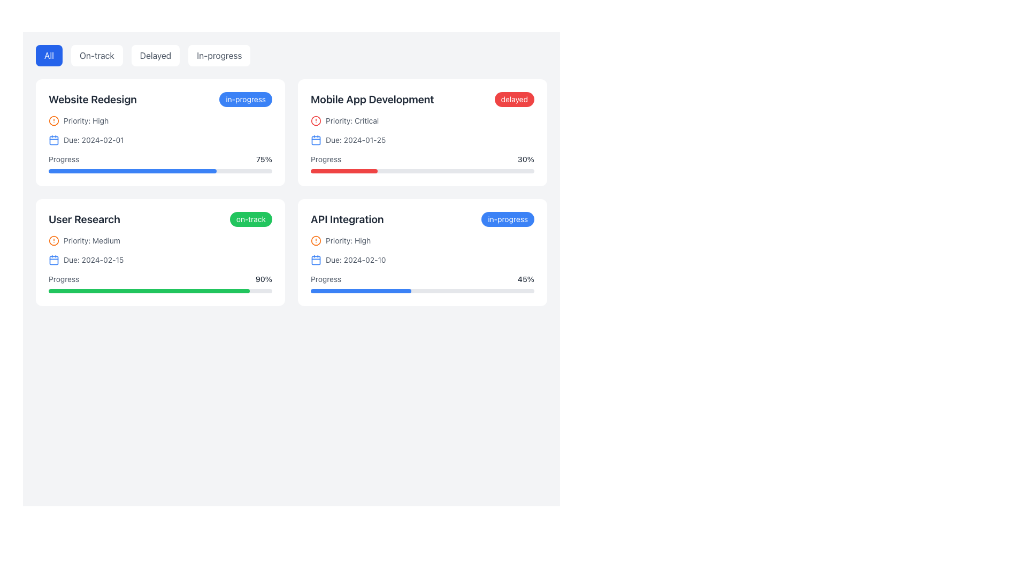  Describe the element at coordinates (315, 120) in the screenshot. I see `the critical priority status icon located to the left of the text 'Priority: Critical' in the 'Mobile App Development' card in the upper-right section of the interface` at that location.